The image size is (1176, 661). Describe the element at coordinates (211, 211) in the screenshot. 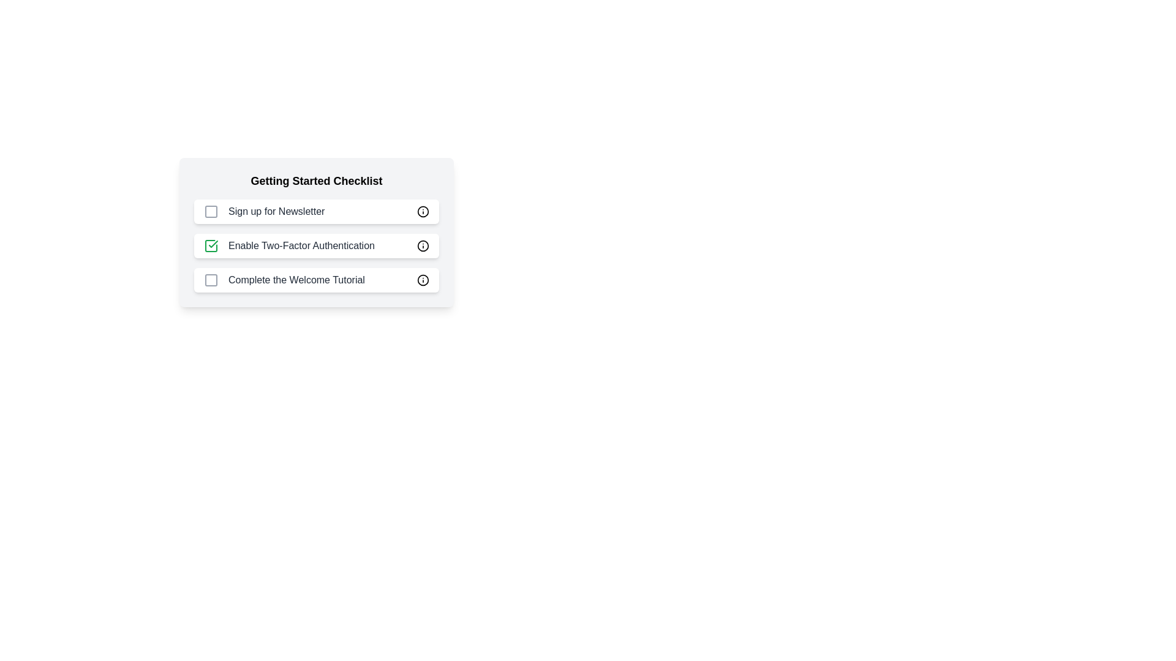

I see `the first checkbox in the checklist located on the left side of the 'Sign up for Newsletter' row` at that location.